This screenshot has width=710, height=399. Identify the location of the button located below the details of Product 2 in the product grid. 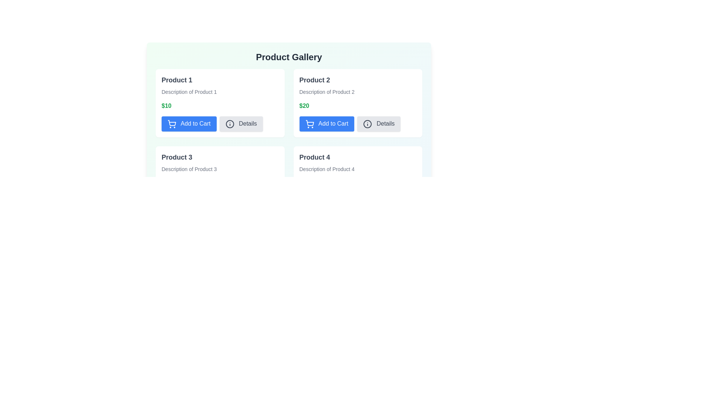
(326, 123).